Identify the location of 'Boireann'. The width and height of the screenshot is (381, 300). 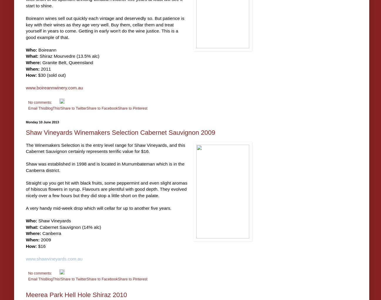
(37, 49).